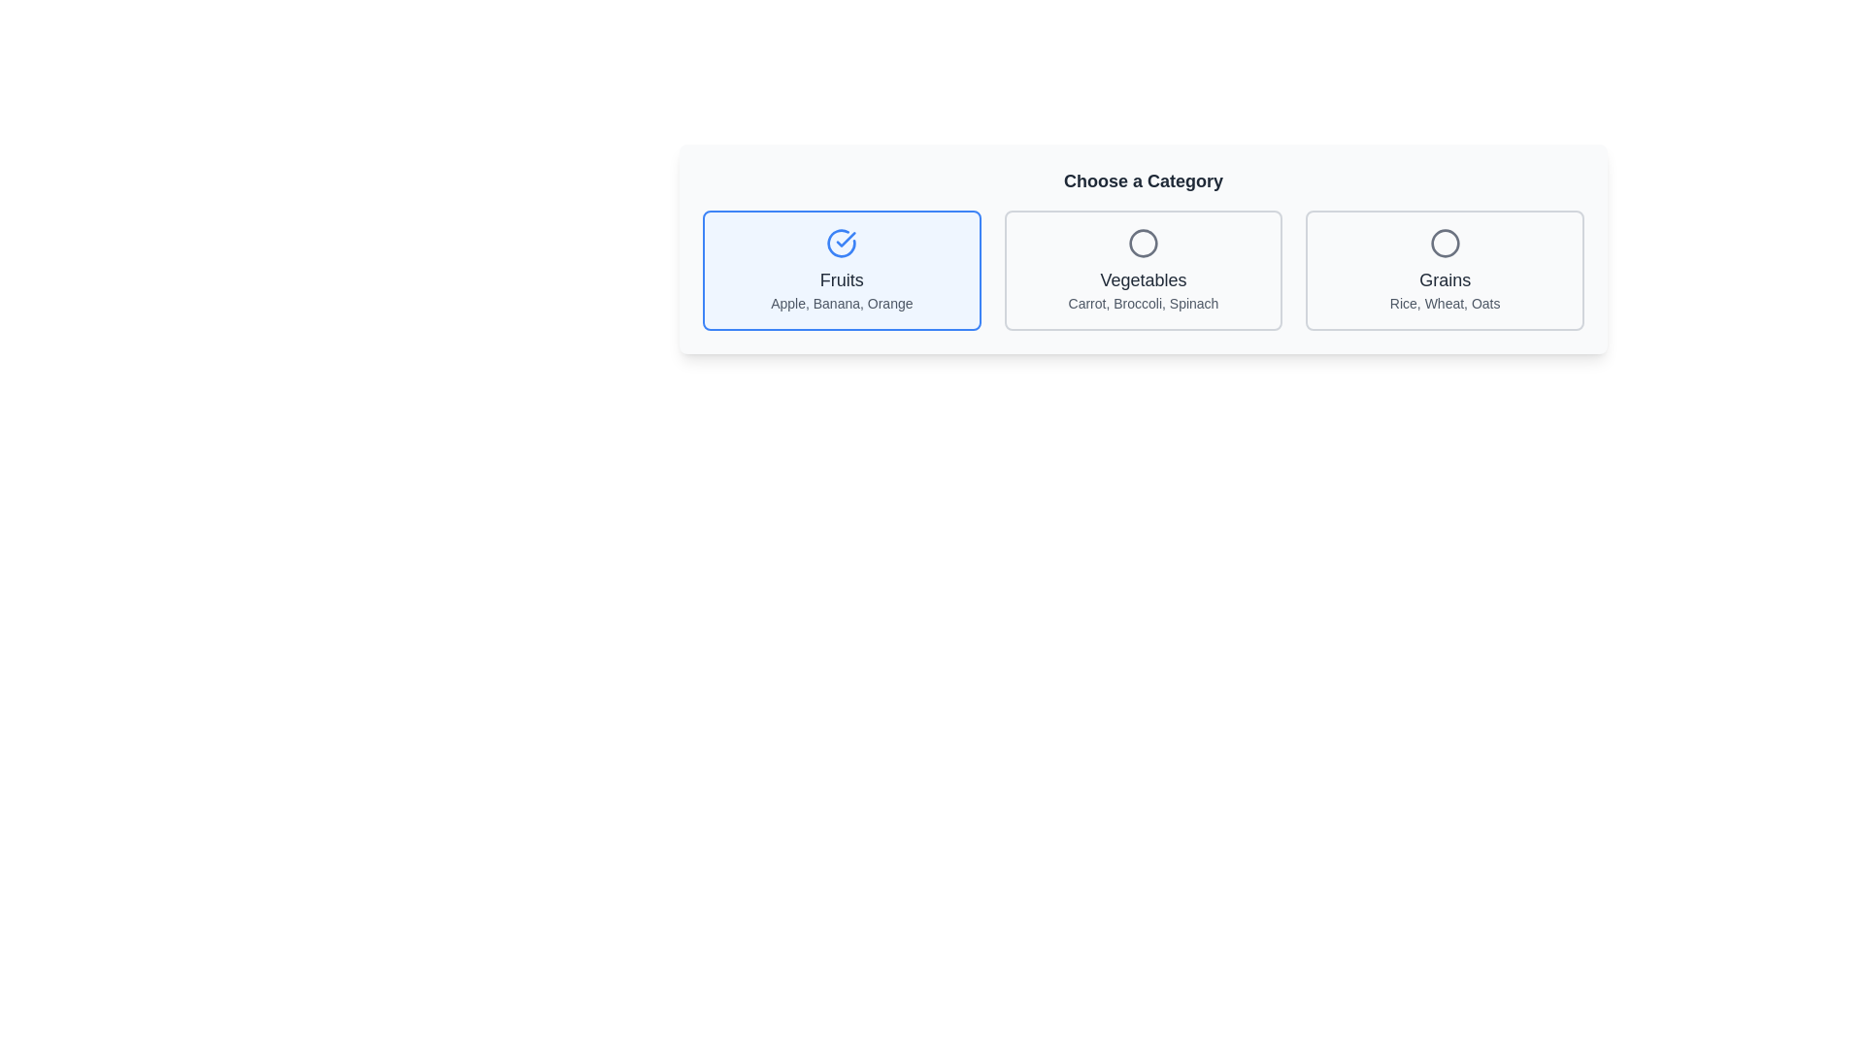 This screenshot has height=1048, width=1864. Describe the element at coordinates (842, 303) in the screenshot. I see `the static text field that displays 'Apple, Banana, Orange', which is located below the 'Fruits' title in the first card of the horizontal selection menu` at that location.